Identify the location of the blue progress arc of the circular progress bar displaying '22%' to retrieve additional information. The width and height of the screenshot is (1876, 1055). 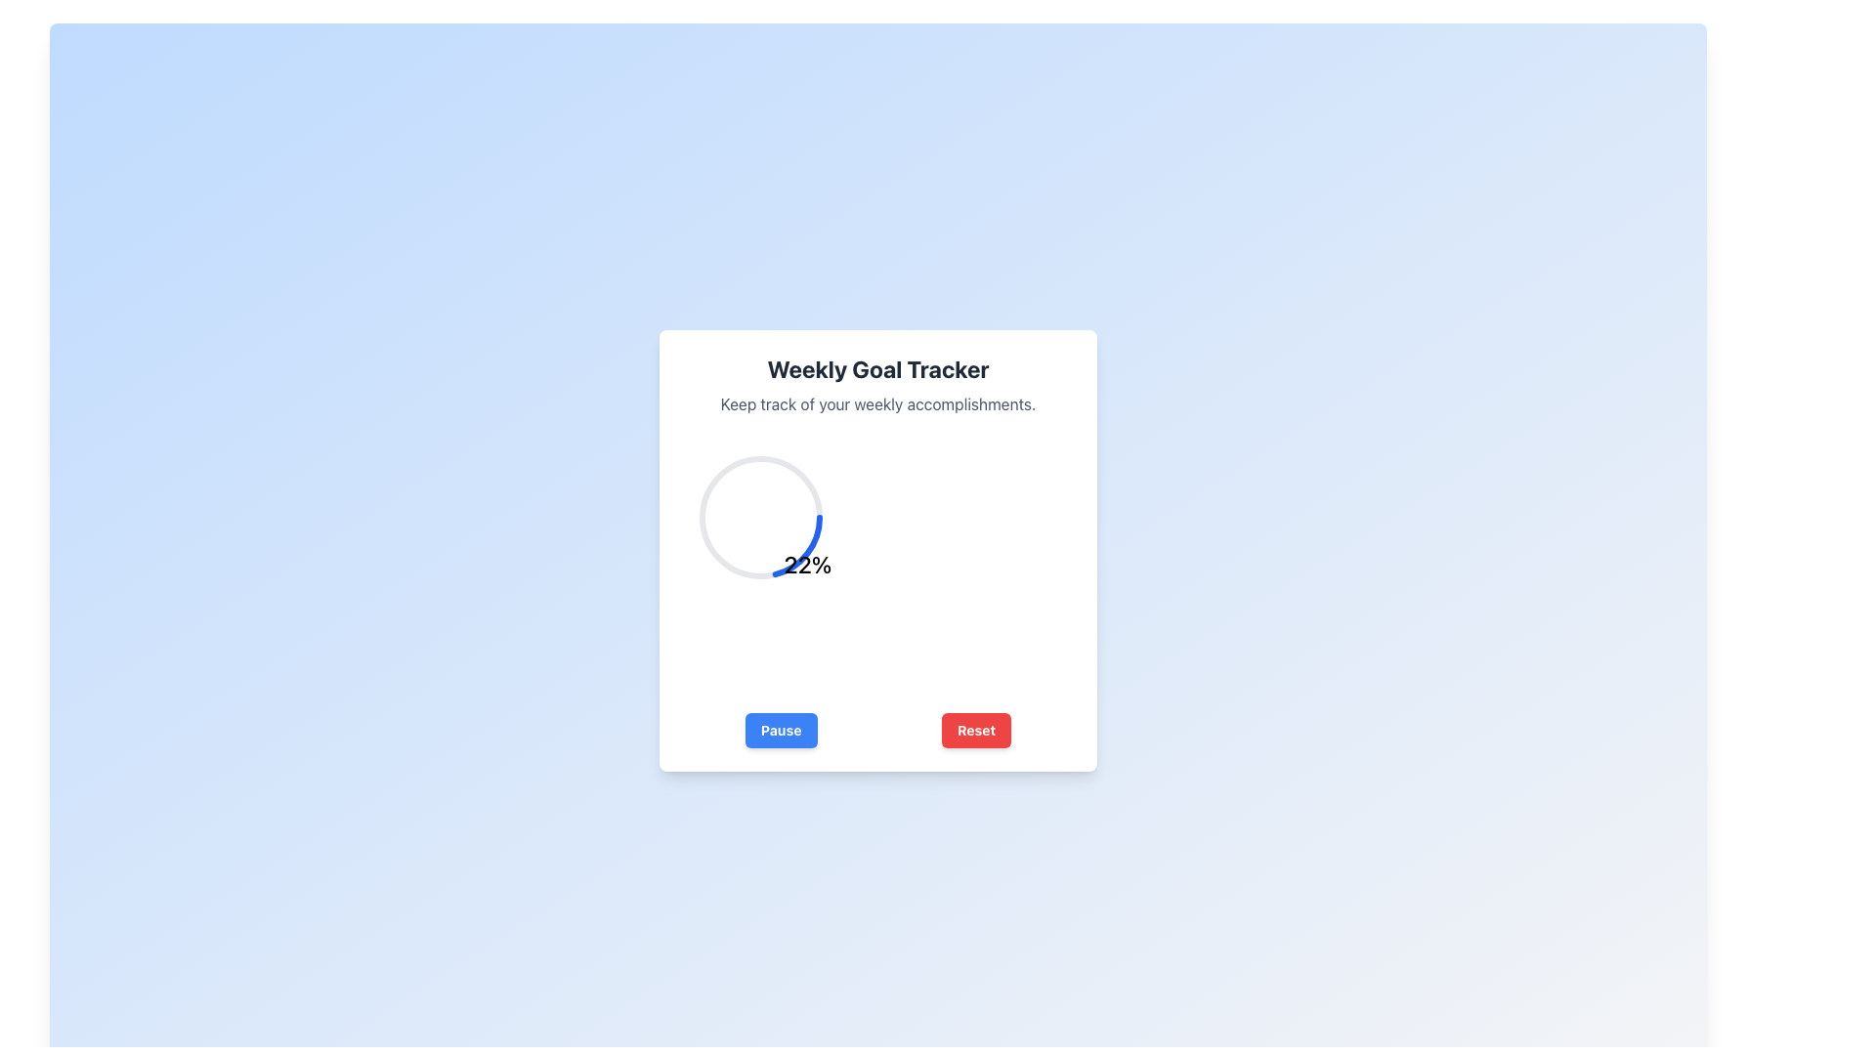
(759, 516).